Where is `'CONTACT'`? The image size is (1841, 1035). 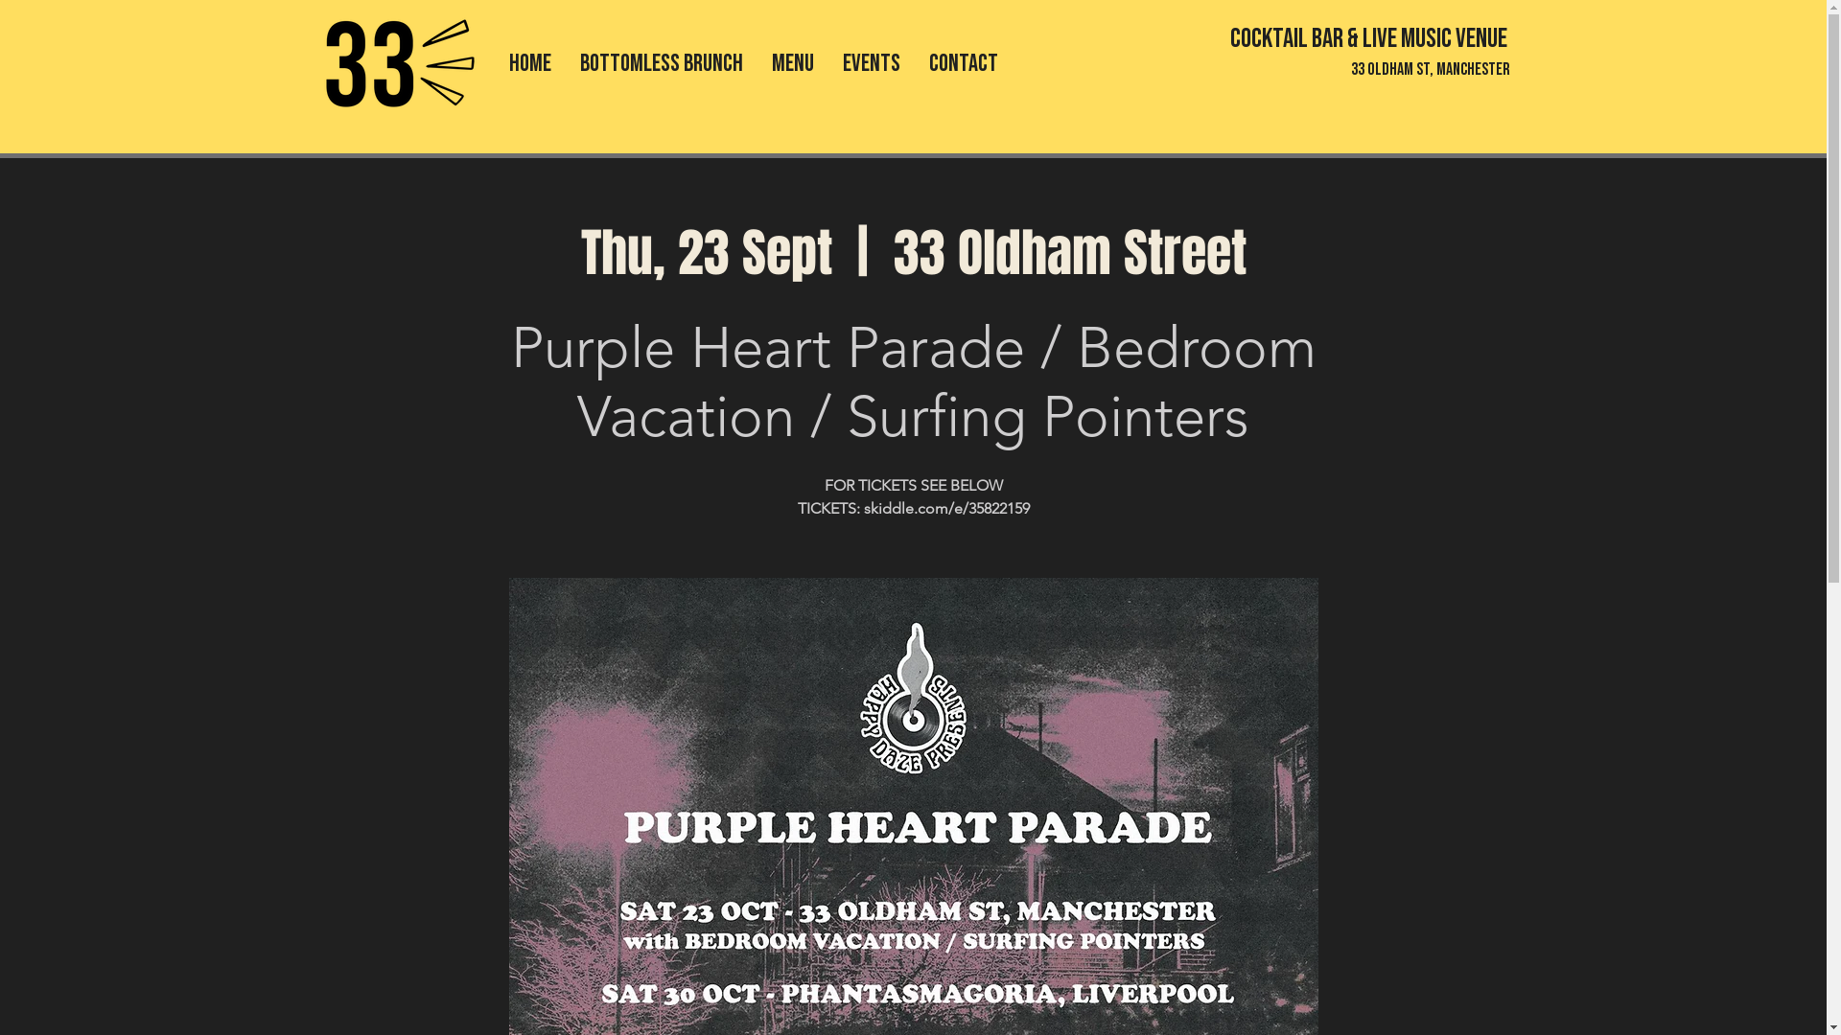
'CONTACT' is located at coordinates (963, 62).